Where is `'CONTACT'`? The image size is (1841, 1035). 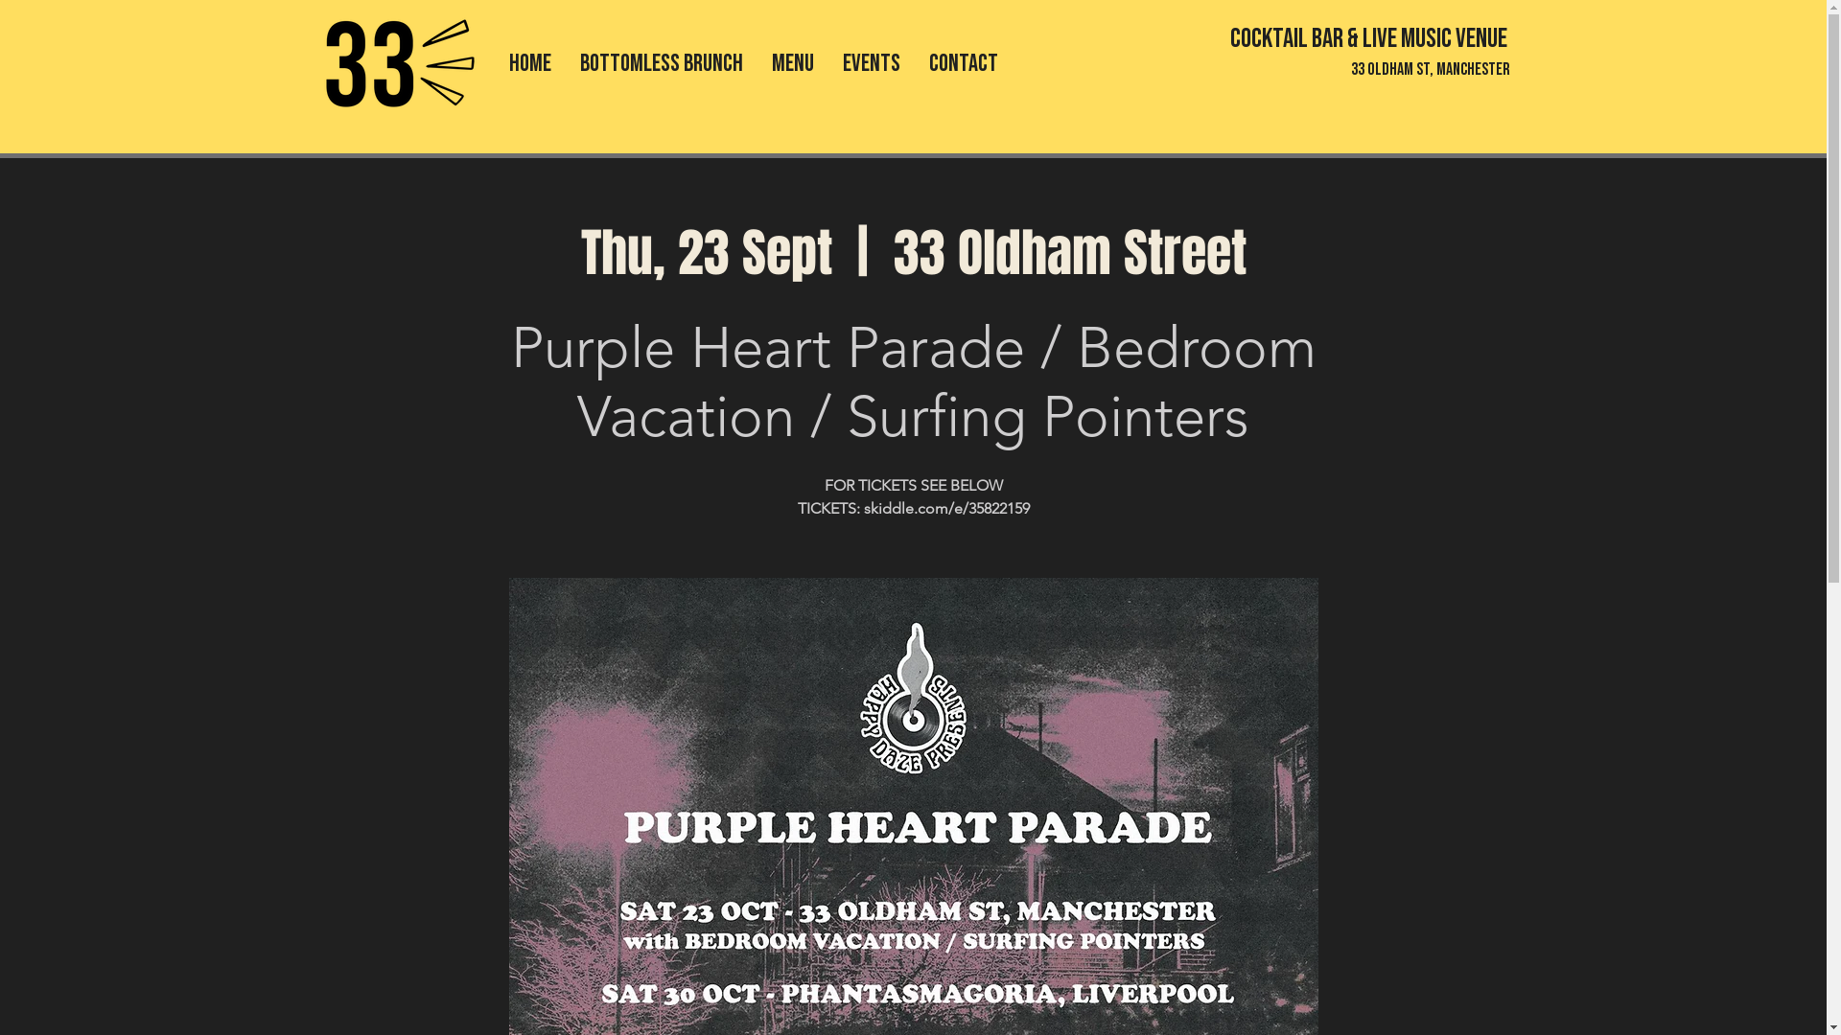
'CONTACT' is located at coordinates (963, 62).